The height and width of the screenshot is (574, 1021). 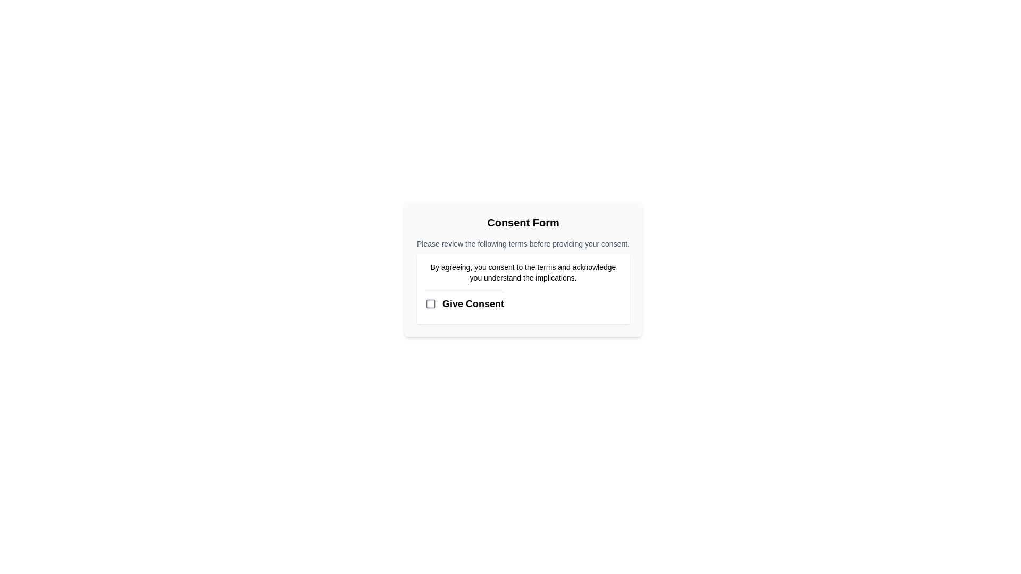 What do you see at coordinates (523, 244) in the screenshot?
I see `the instructional text label that reads 'Please review the following terms before providing your consent.' located below the 'Consent Form' title` at bounding box center [523, 244].